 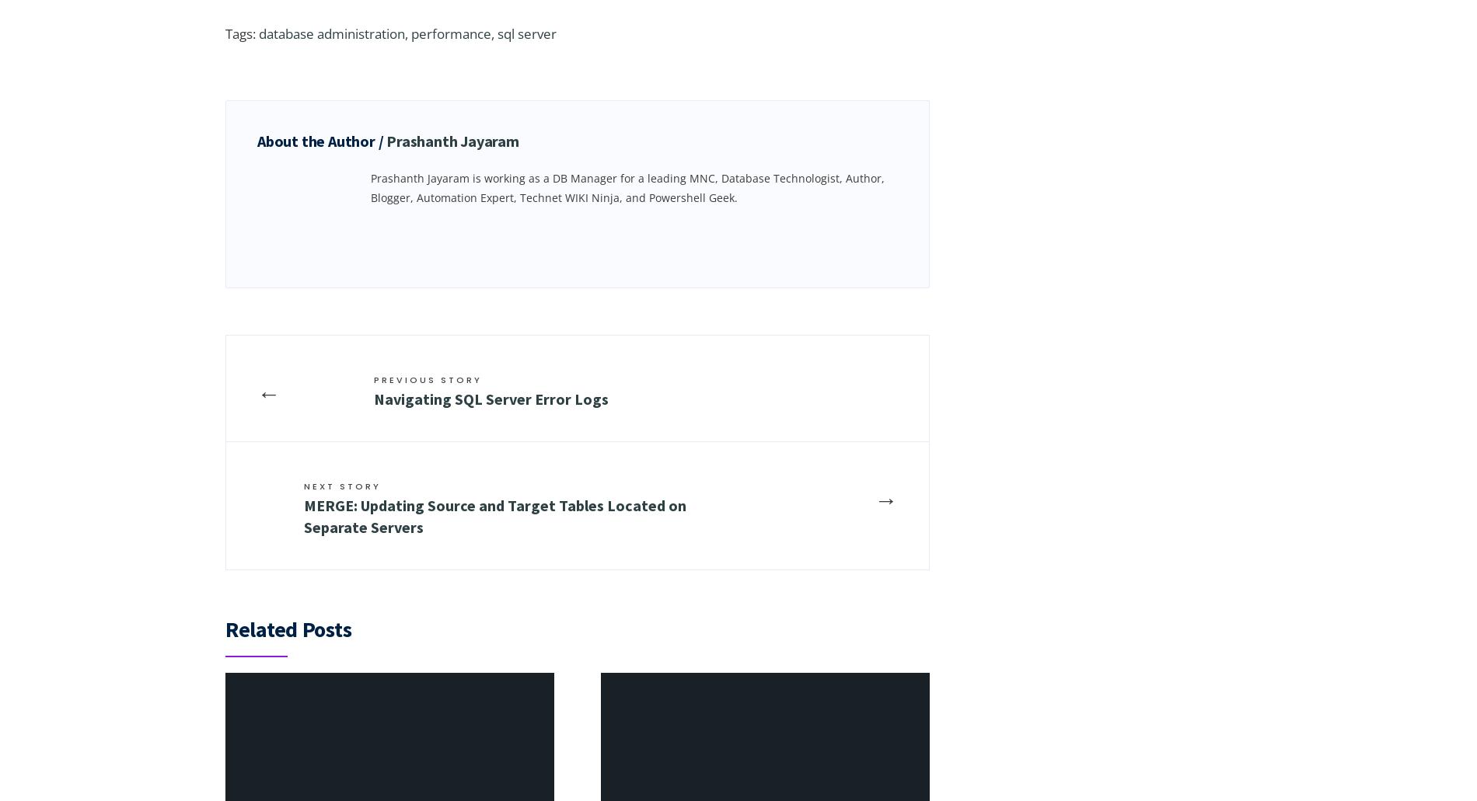 What do you see at coordinates (428, 378) in the screenshot?
I see `'Previous Story'` at bounding box center [428, 378].